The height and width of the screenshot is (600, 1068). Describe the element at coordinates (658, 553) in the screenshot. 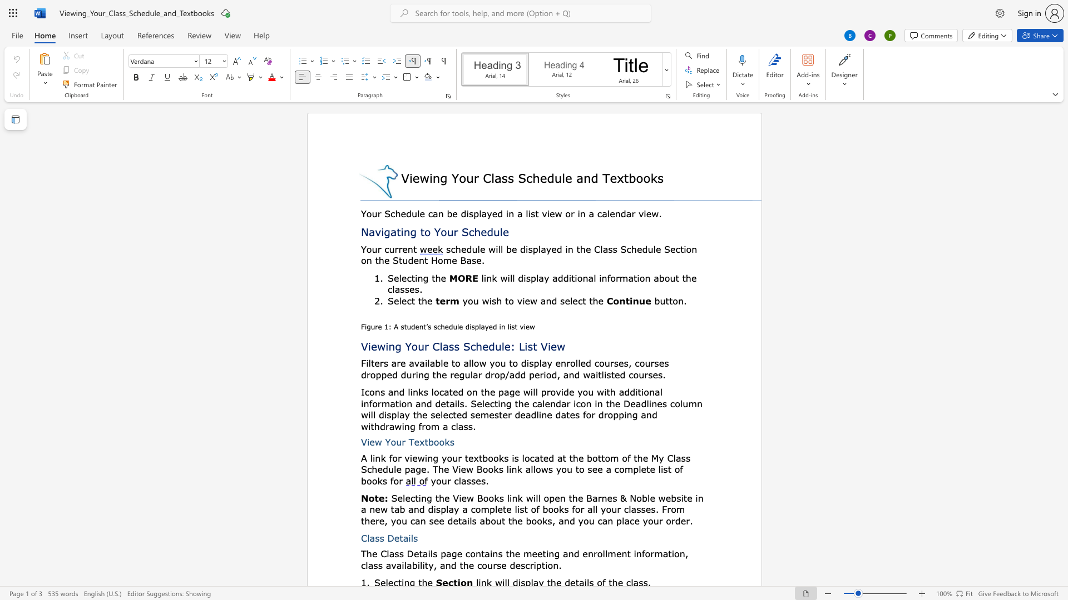

I see `the 3th character "m" in the text` at that location.